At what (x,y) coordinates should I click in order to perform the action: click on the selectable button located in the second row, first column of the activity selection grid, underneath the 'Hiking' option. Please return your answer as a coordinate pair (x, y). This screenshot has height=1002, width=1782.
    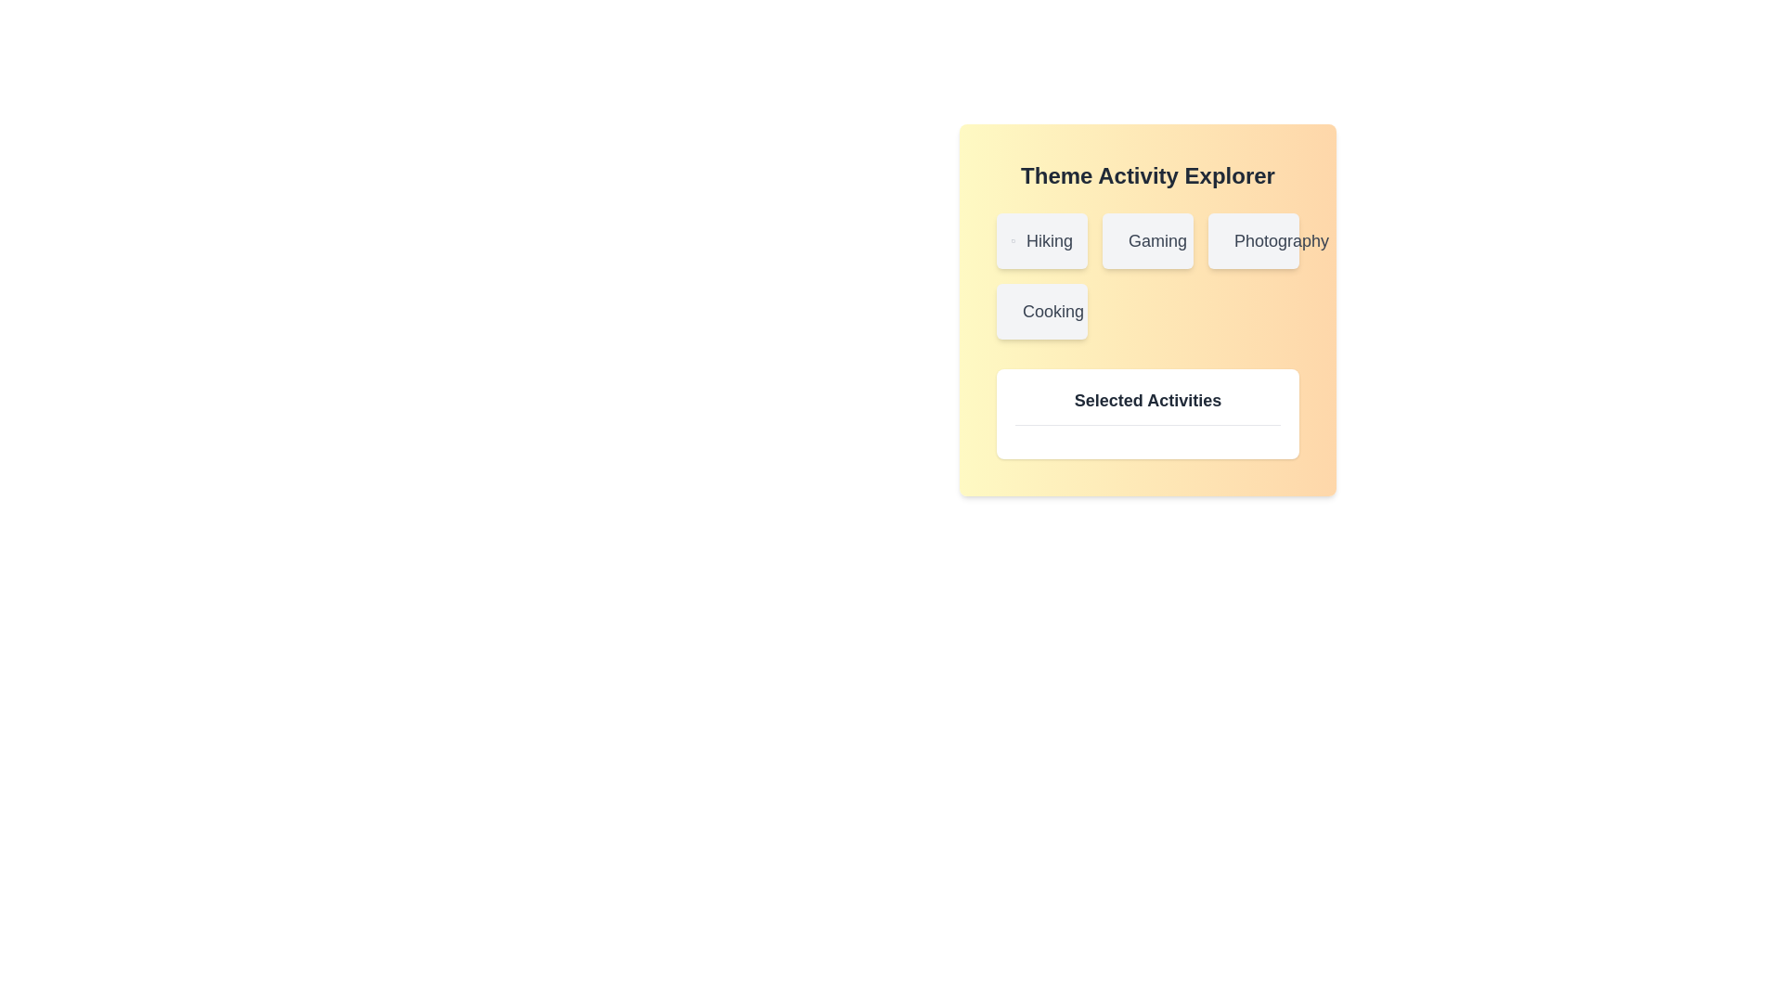
    Looking at the image, I should click on (1042, 310).